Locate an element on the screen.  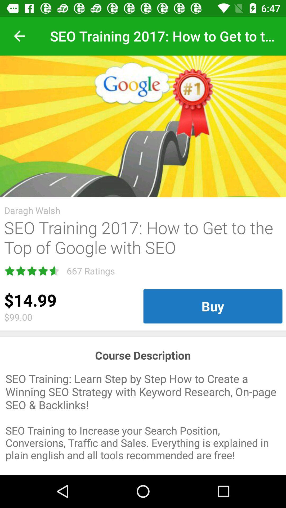
the item below seo training 2017 icon is located at coordinates (212, 306).